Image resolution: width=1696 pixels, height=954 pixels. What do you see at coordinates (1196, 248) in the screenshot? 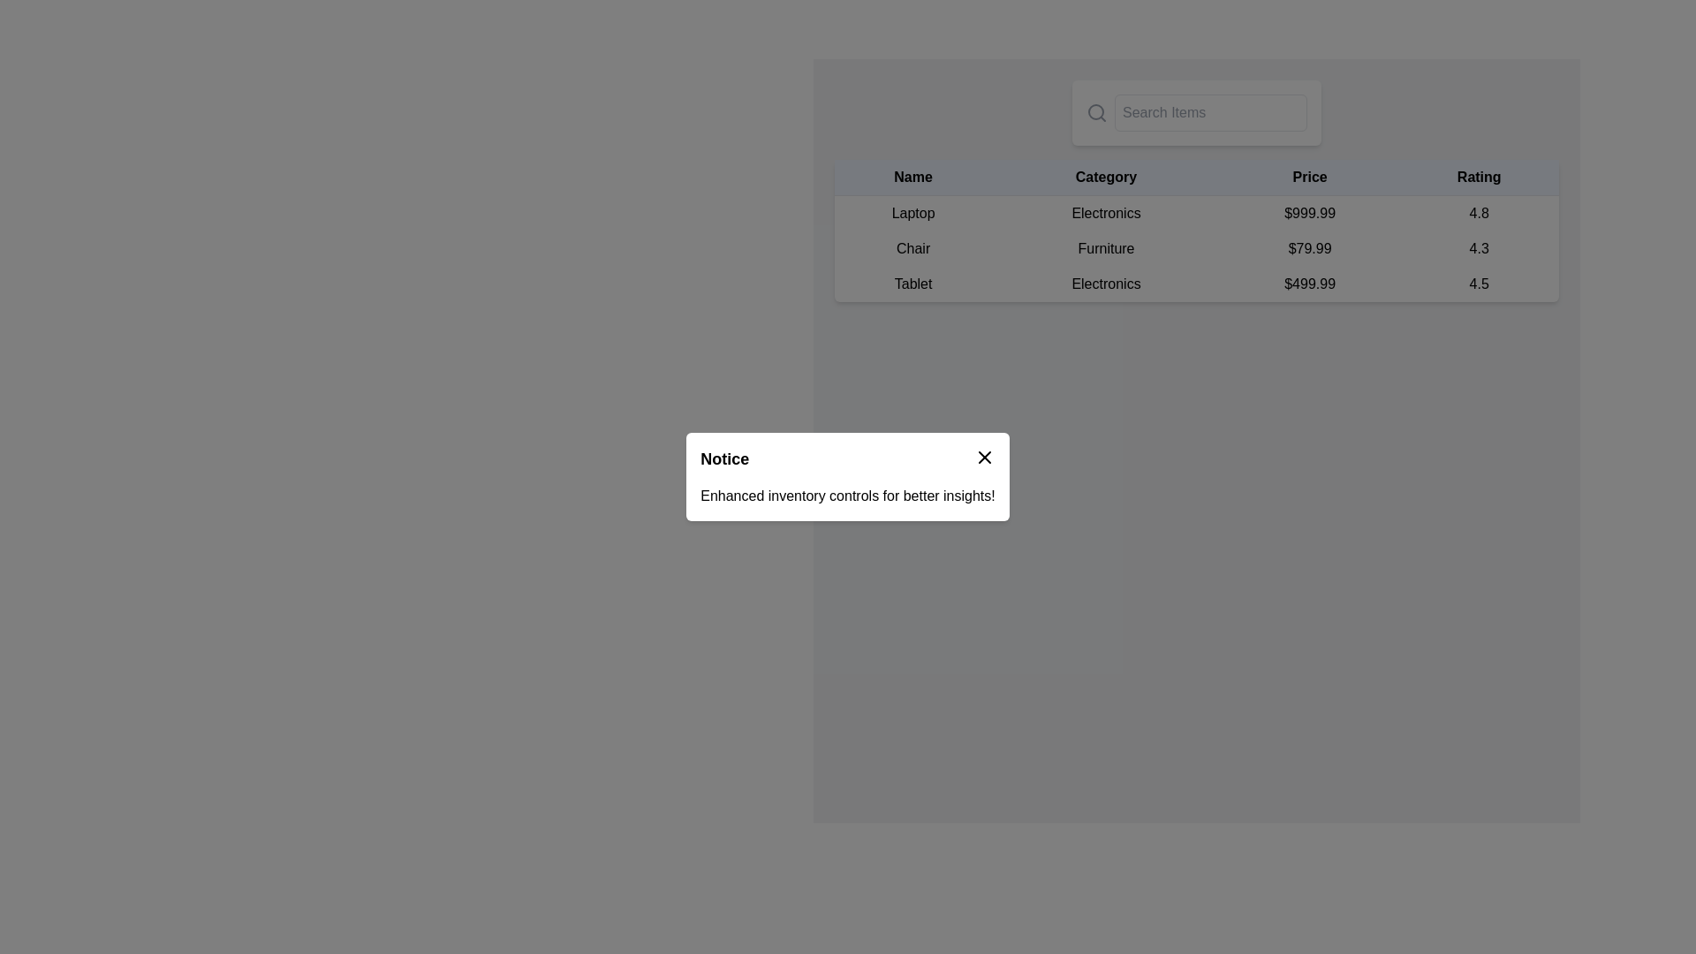
I see `the second row of the product table that displays detailed information about a product, including name, category, price, and rating` at bounding box center [1196, 248].